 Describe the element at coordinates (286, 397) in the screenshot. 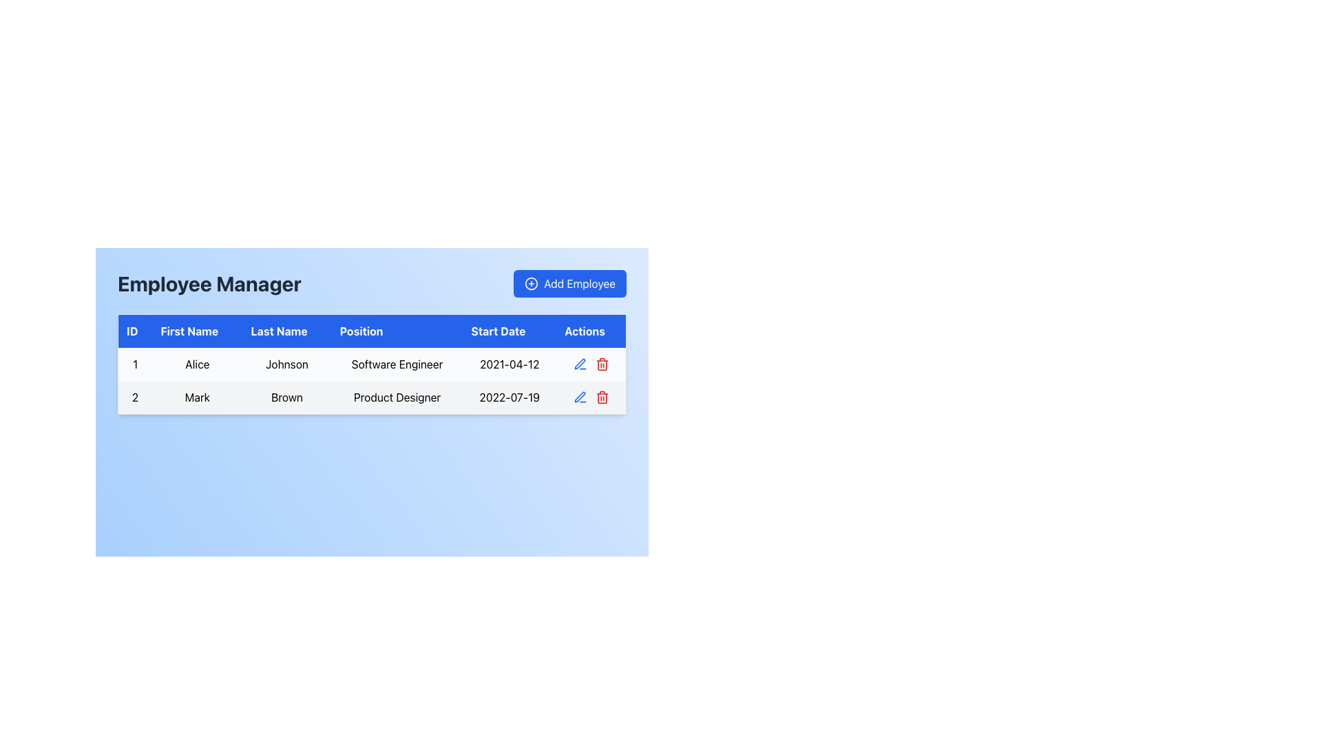

I see `the text label displaying 'Brown' which is located in the third column of the second row of the employee data table` at that location.